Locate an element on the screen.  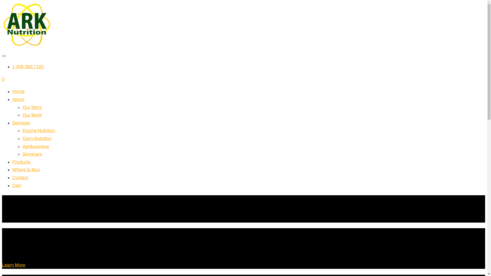
'Dairy Nutrition' is located at coordinates (37, 139).